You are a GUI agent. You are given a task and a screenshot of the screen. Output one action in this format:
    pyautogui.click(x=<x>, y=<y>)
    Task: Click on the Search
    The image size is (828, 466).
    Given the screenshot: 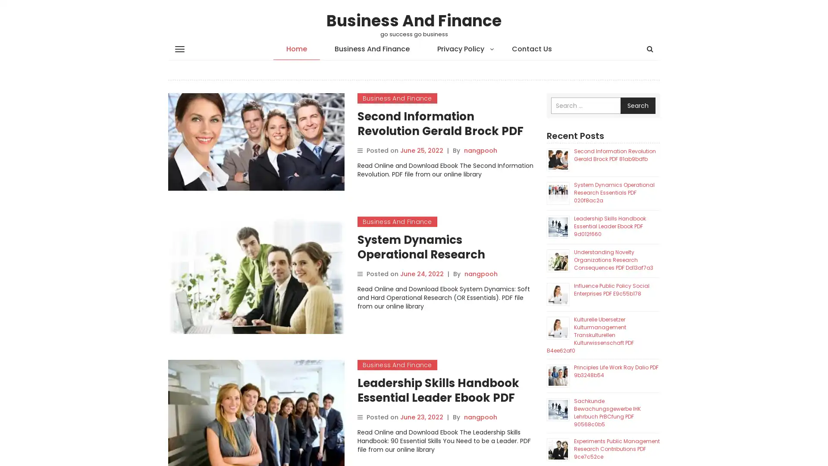 What is the action you would take?
    pyautogui.click(x=638, y=105)
    